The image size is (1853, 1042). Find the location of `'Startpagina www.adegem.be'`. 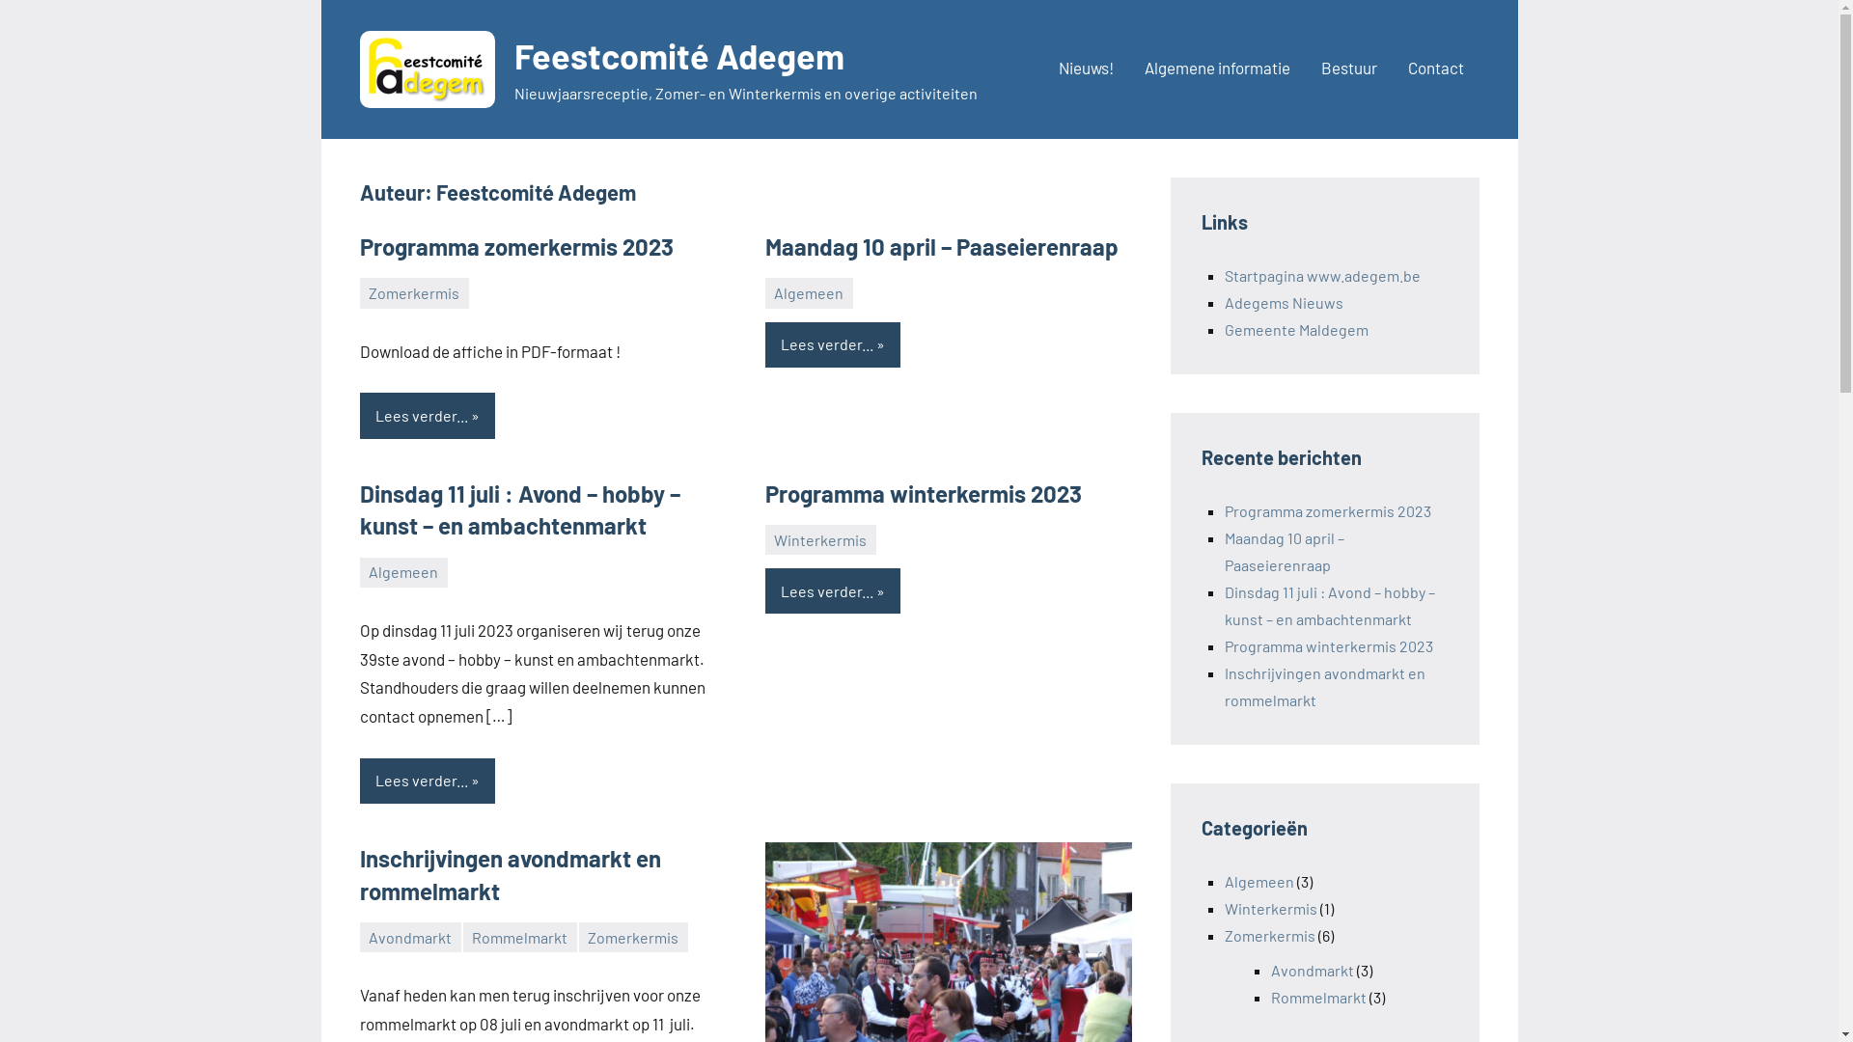

'Startpagina www.adegem.be' is located at coordinates (1320, 275).